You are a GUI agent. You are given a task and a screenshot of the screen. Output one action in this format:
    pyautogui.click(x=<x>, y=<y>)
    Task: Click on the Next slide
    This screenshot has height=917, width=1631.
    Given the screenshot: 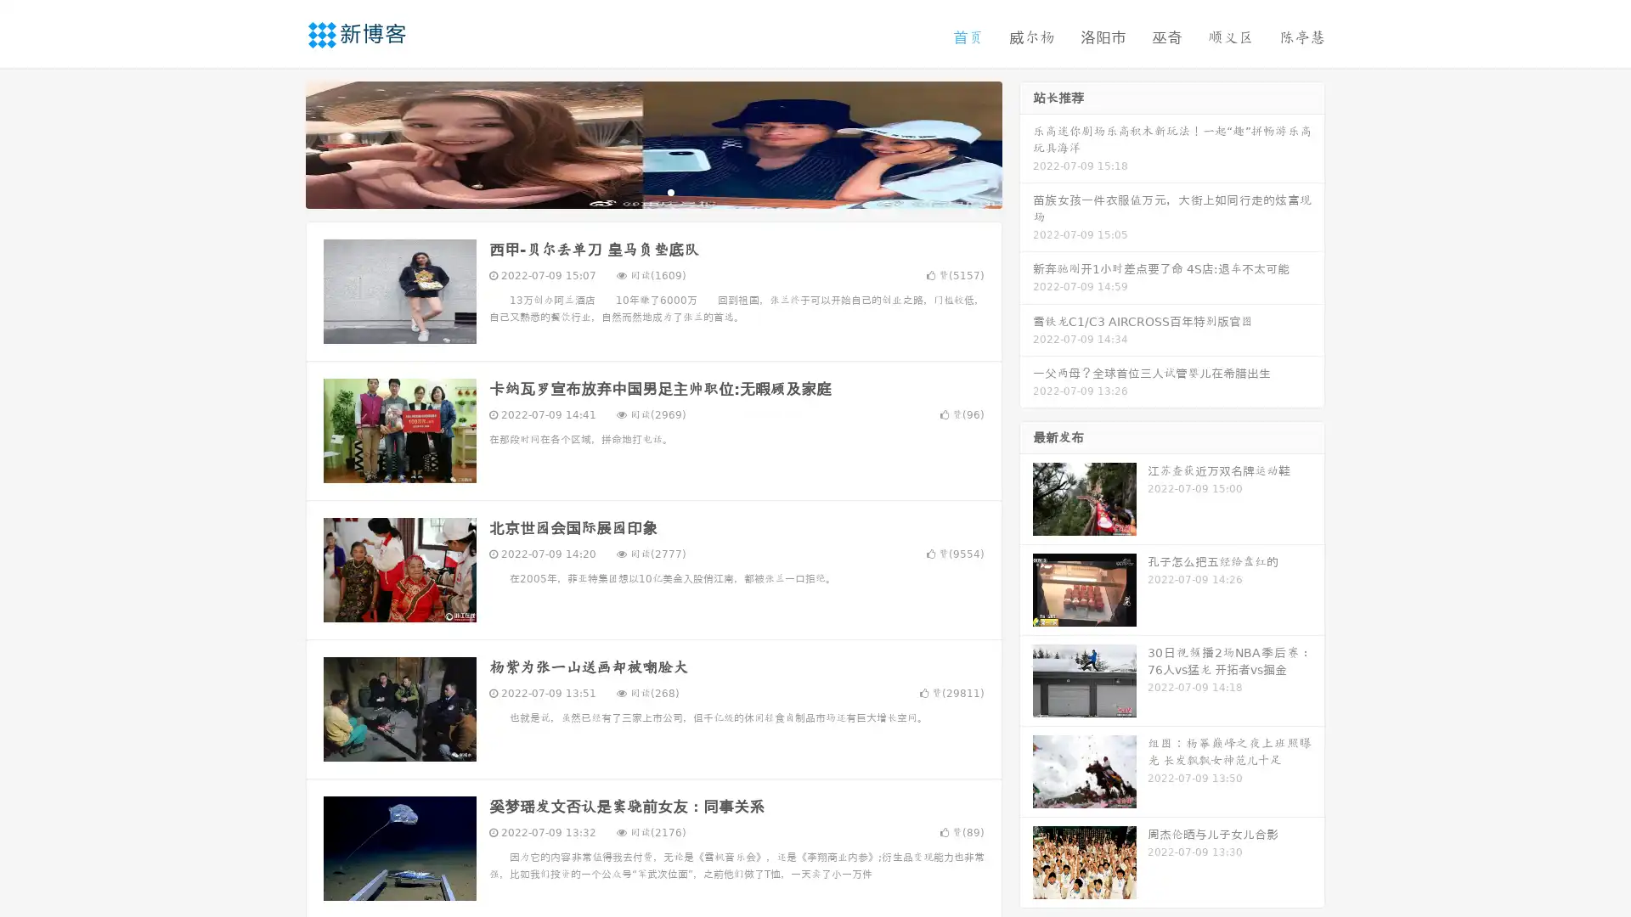 What is the action you would take?
    pyautogui.click(x=1026, y=143)
    